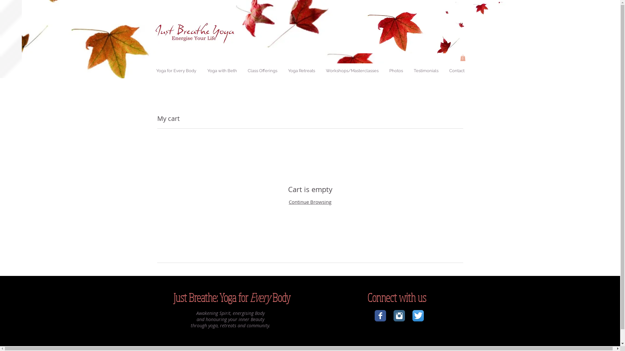 This screenshot has width=625, height=351. I want to click on 'Workshops/Masterclasses', so click(352, 71).